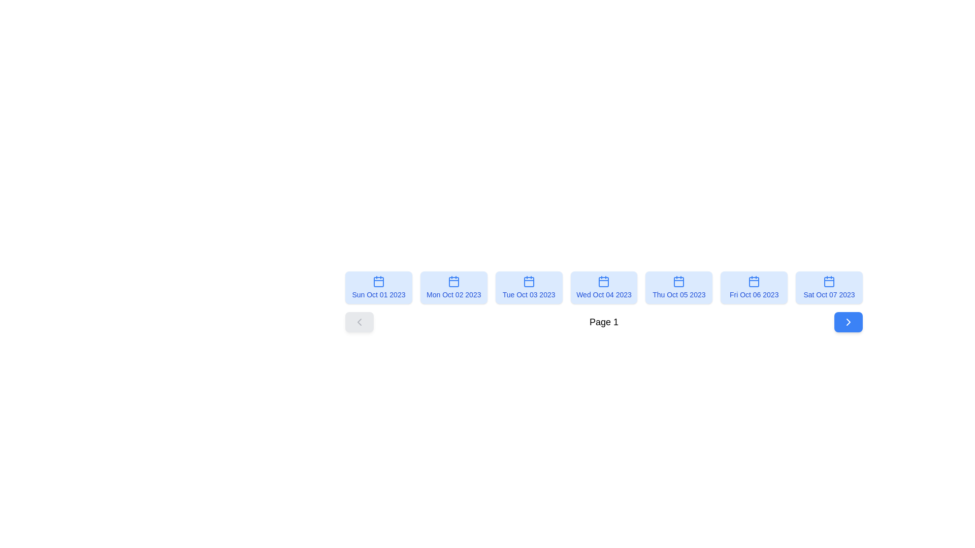 This screenshot has height=548, width=975. What do you see at coordinates (378, 295) in the screenshot?
I see `the text label displaying the date 'Sun Oct 01 2023', which is part of the first panel in a horizontally aligned list of date-related panels located in the lower part of the interface` at bounding box center [378, 295].